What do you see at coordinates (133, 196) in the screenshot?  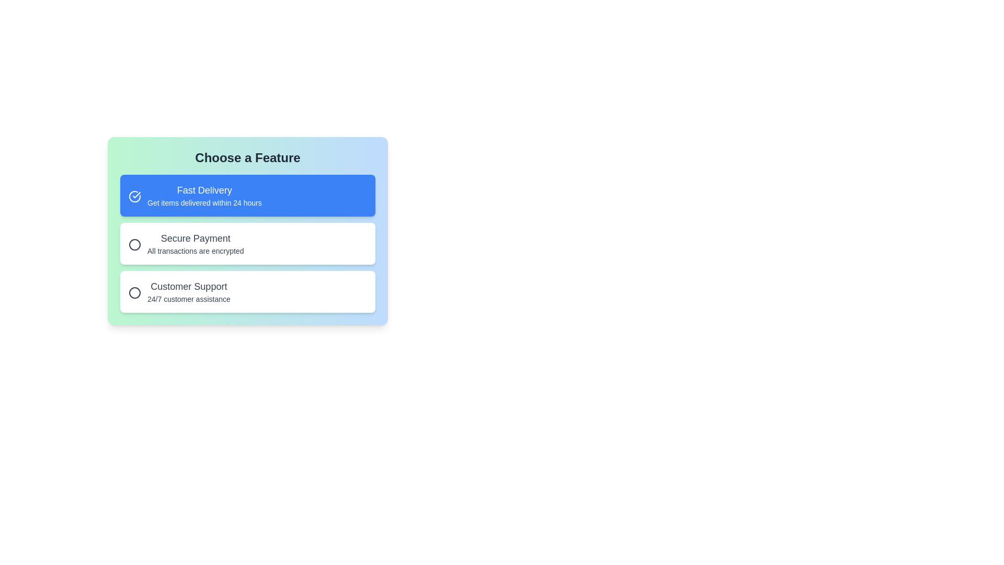 I see `the small circular icon with a checkmark that is styled with a white outline against a blue background, located to the left of the 'Fast Delivery' text` at bounding box center [133, 196].